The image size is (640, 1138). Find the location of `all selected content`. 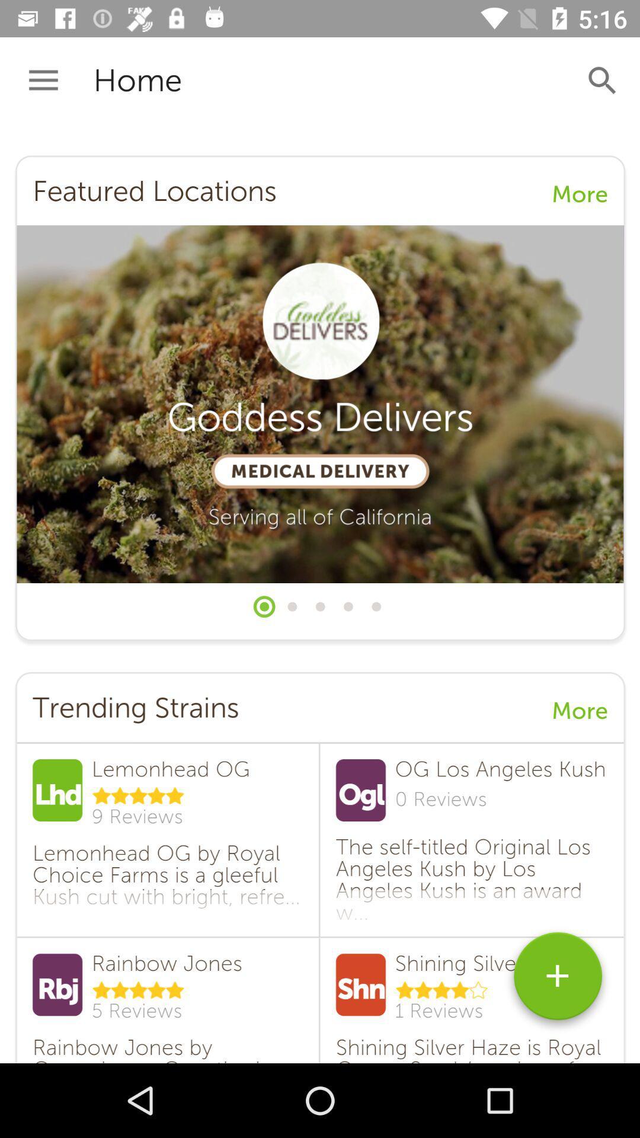

all selected content is located at coordinates (320, 594).